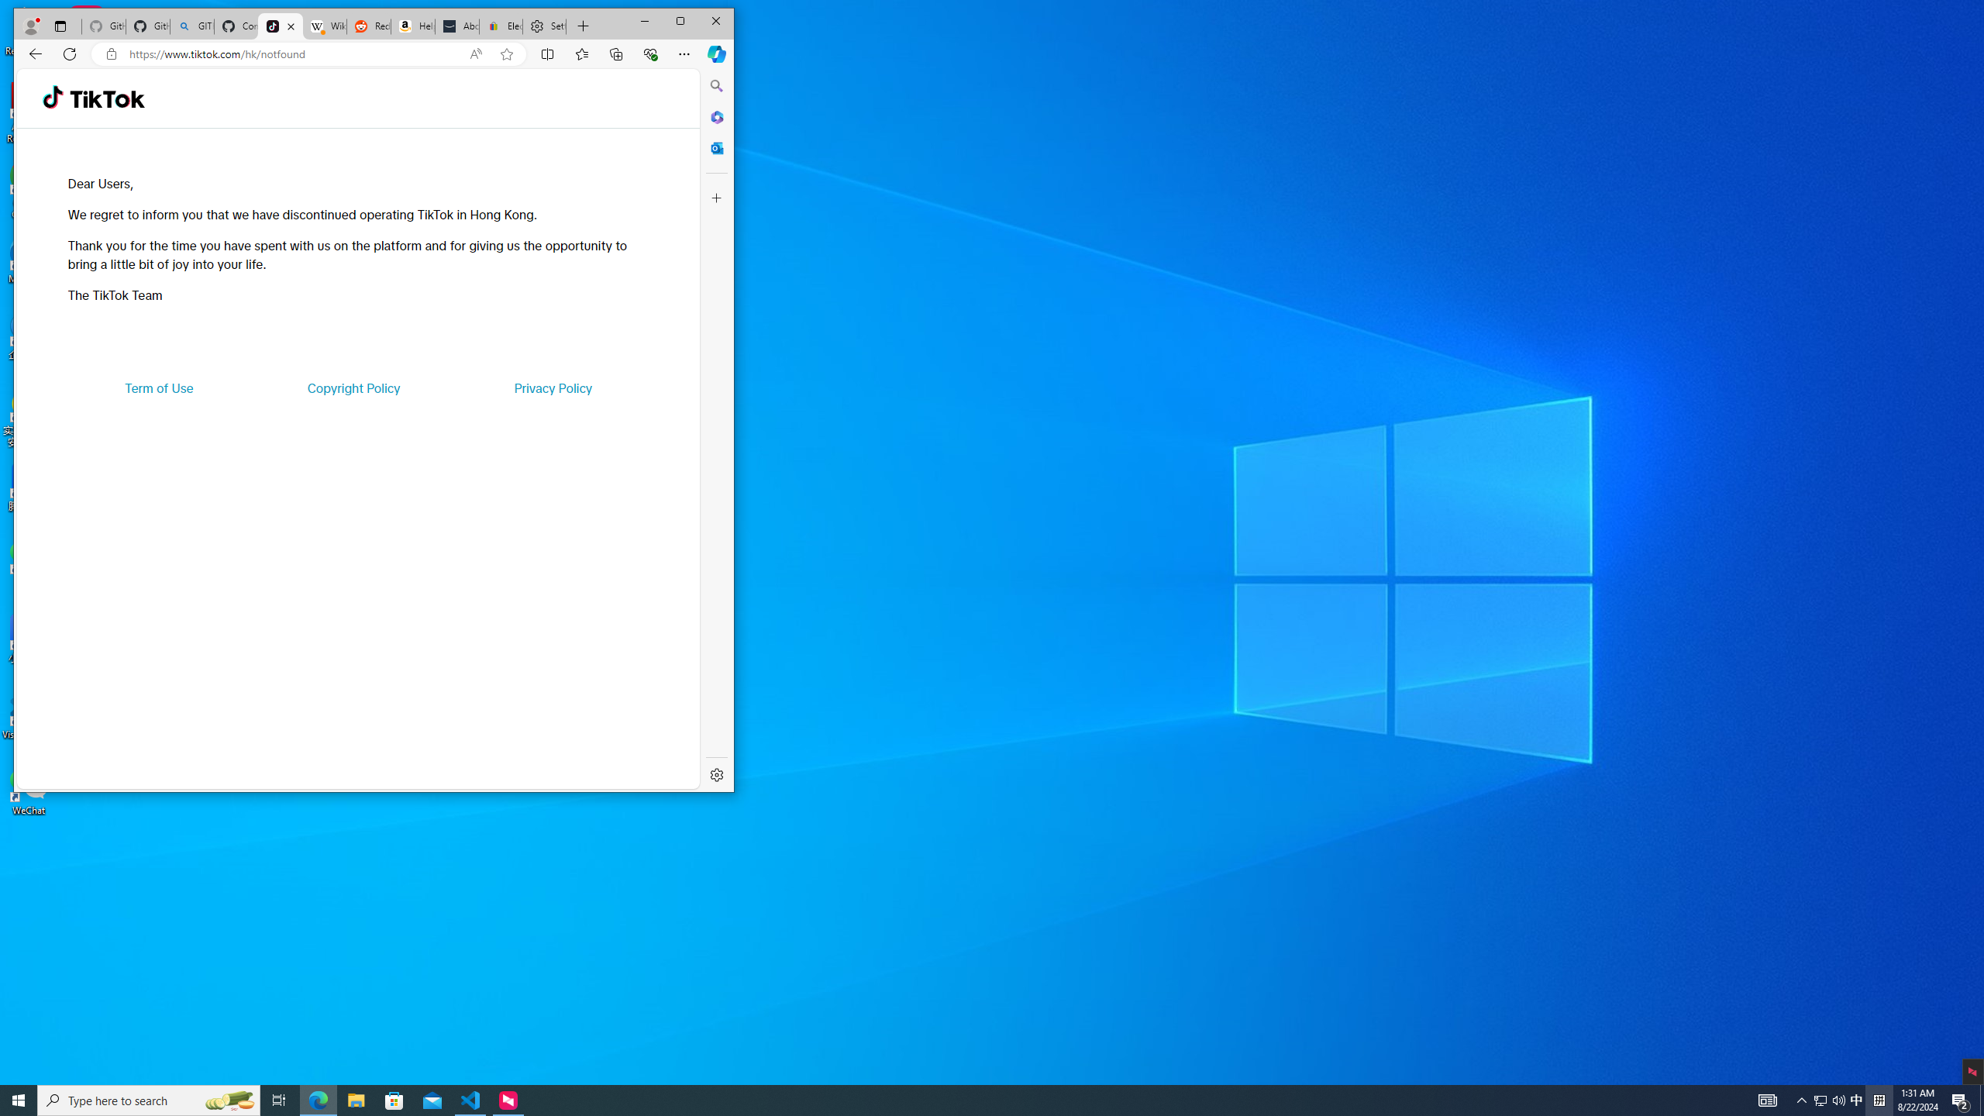  What do you see at coordinates (159, 388) in the screenshot?
I see `'Term of Use'` at bounding box center [159, 388].